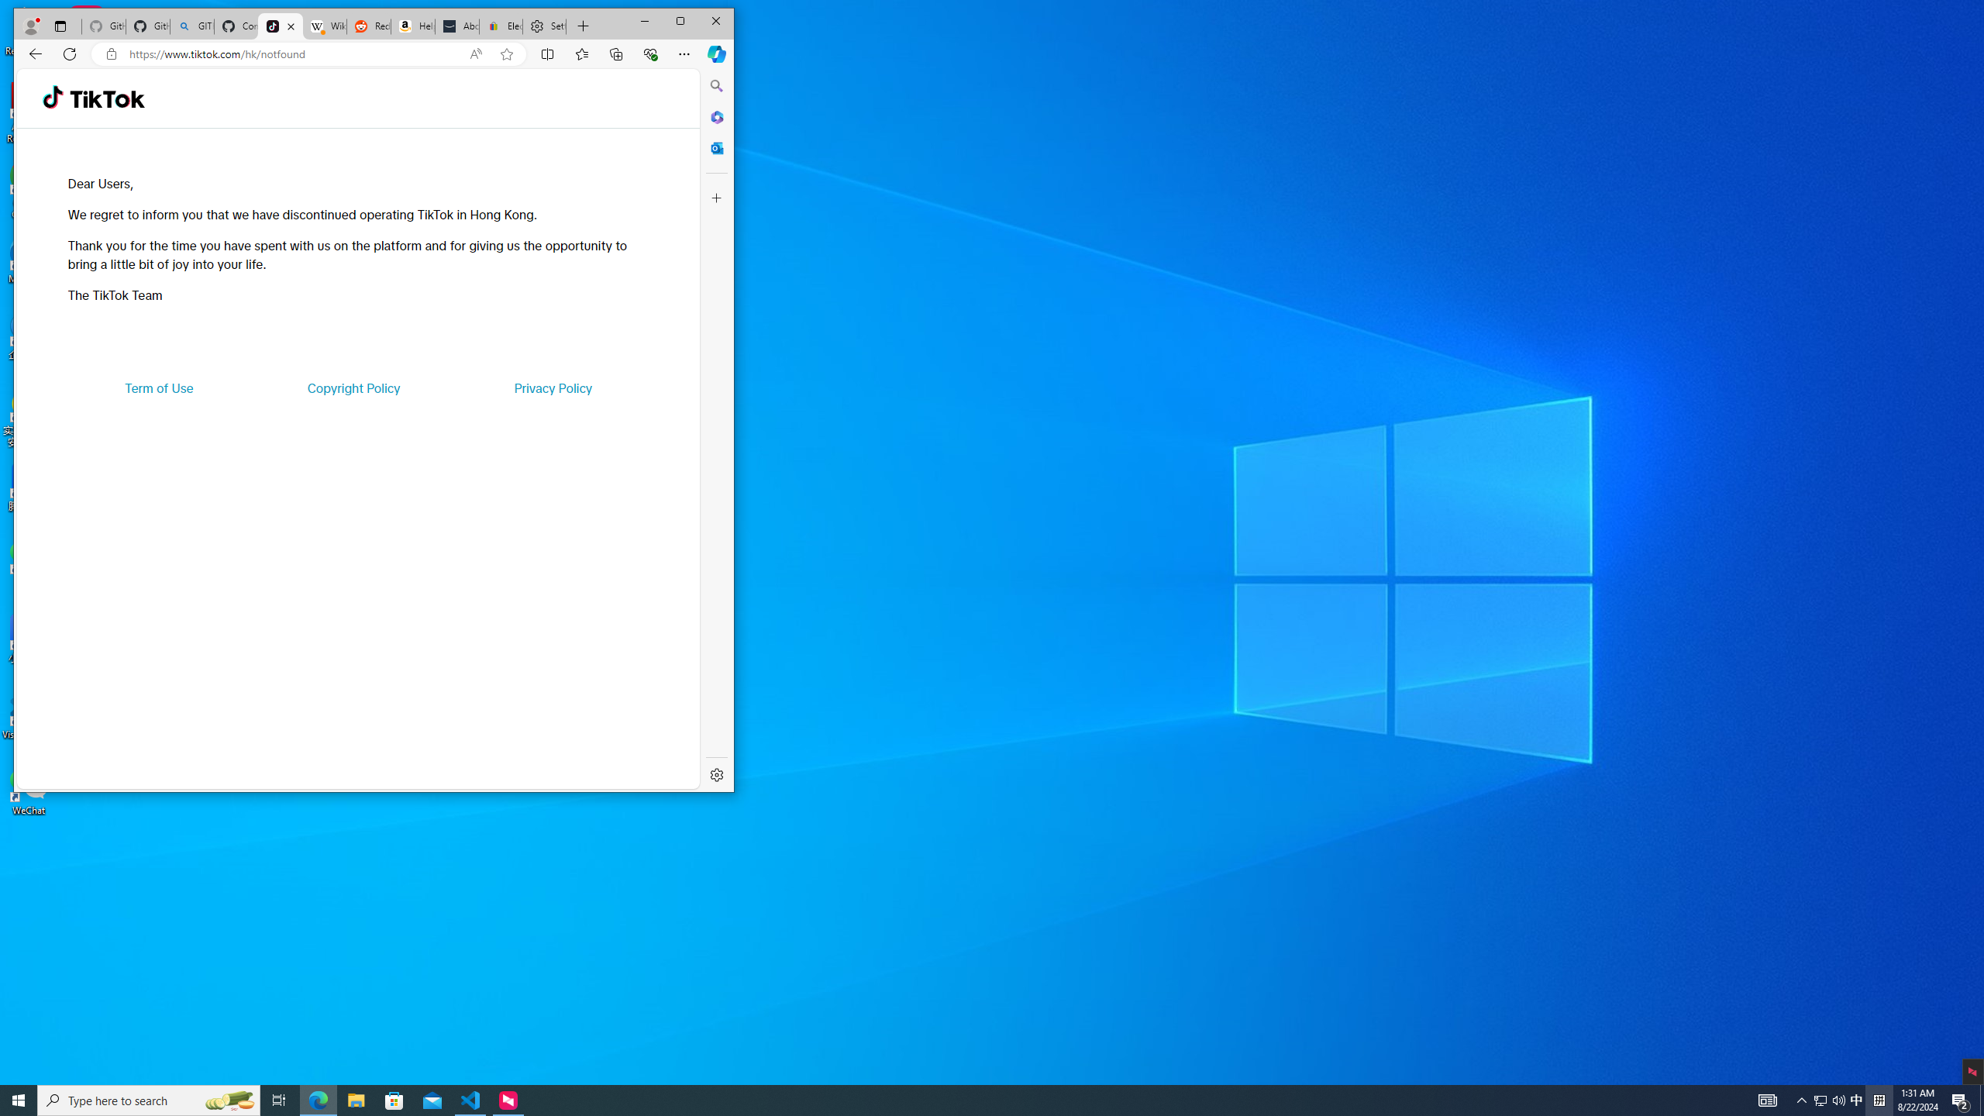  What do you see at coordinates (159, 388) in the screenshot?
I see `'Term of Use'` at bounding box center [159, 388].